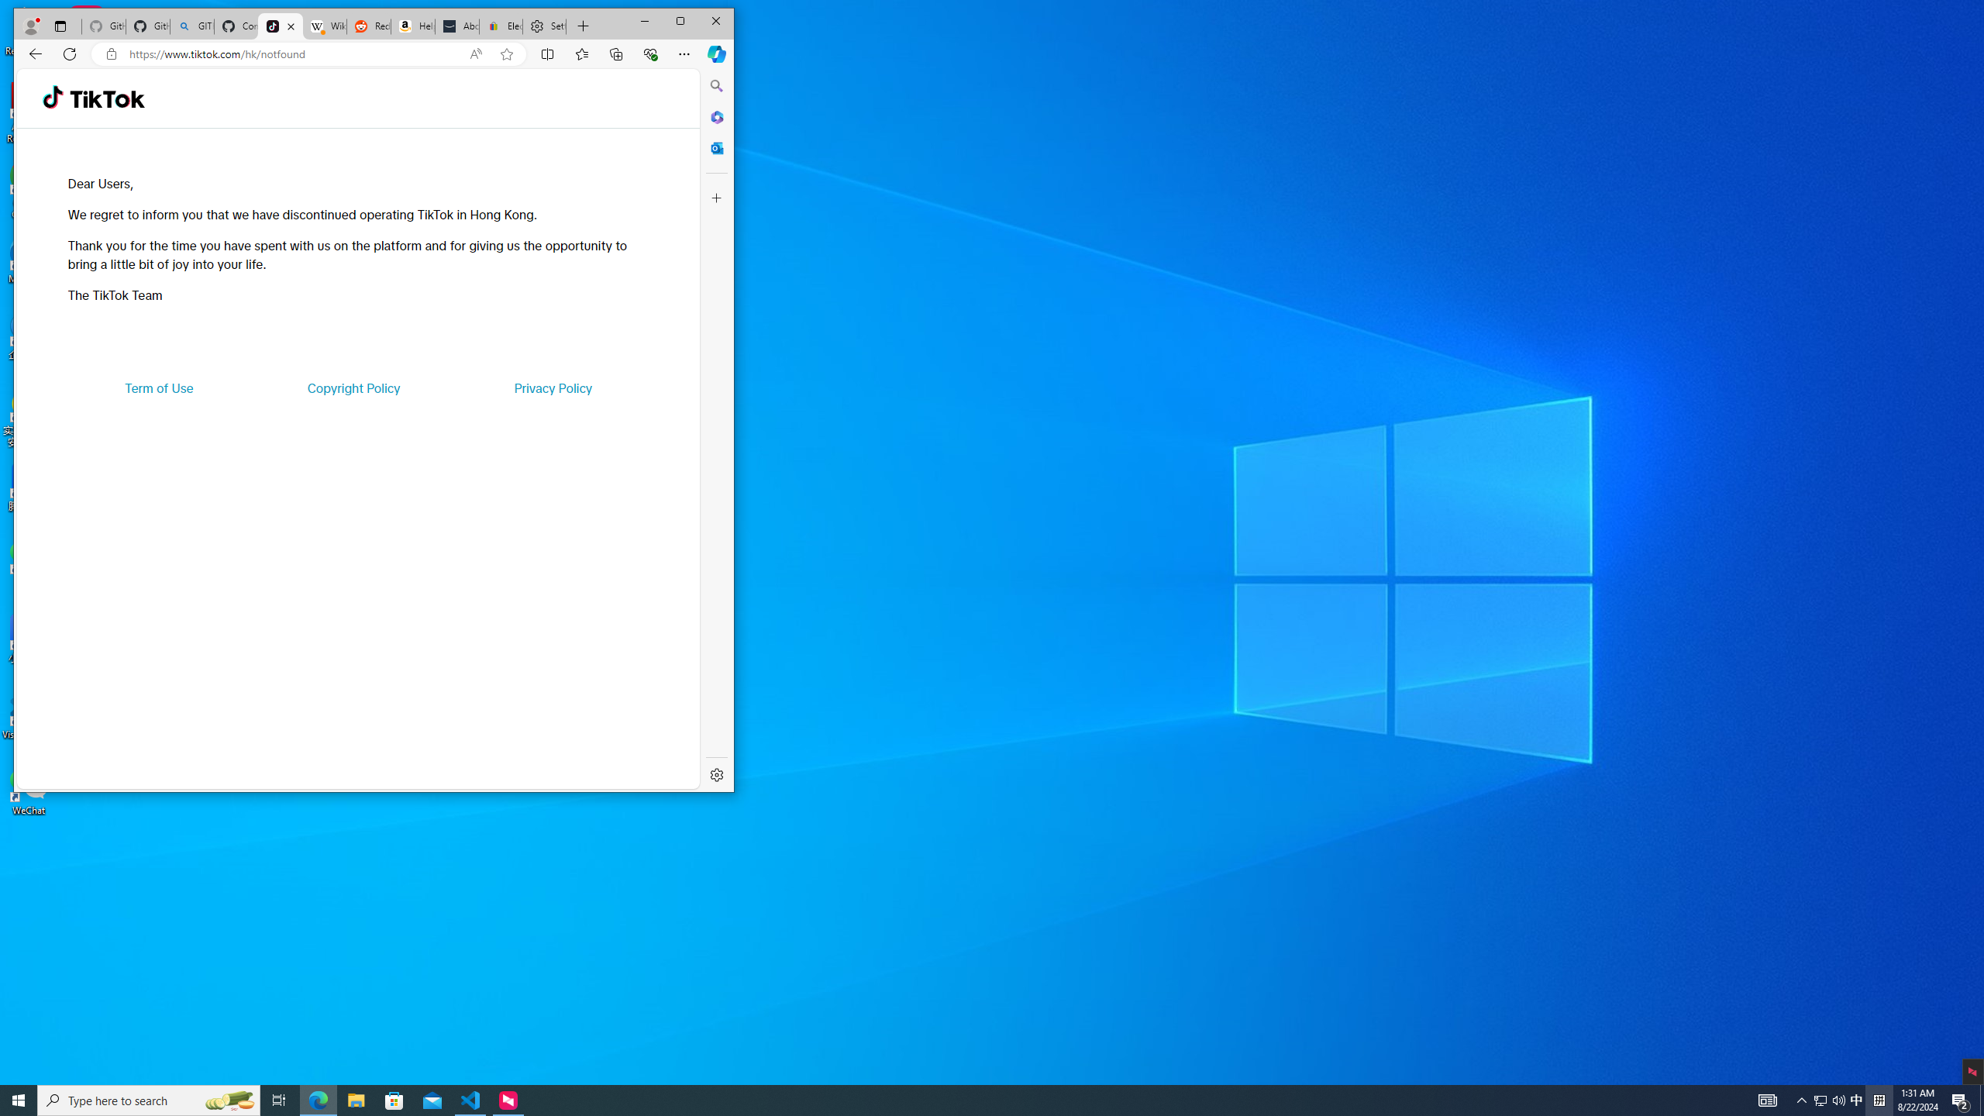  What do you see at coordinates (159, 388) in the screenshot?
I see `'Term of Use'` at bounding box center [159, 388].